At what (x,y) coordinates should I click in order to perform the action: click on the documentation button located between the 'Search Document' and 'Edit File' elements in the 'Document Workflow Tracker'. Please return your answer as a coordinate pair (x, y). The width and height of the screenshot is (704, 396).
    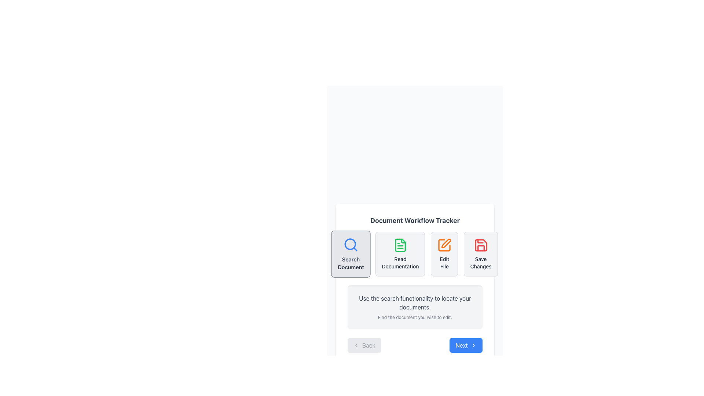
    Looking at the image, I should click on (415, 254).